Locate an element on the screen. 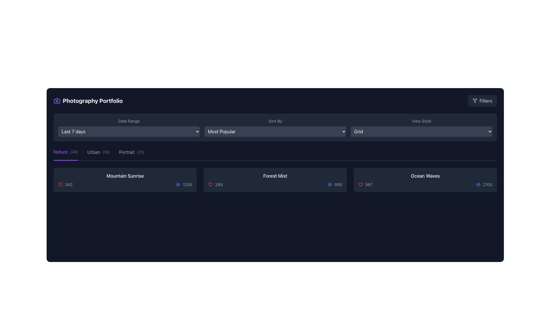  the eye icon represented as an SVG graphic, styled in blue with a stroke width of 2, located to the right of the 'Ocean Waves' title and the numerical value '2100' is located at coordinates (478, 184).